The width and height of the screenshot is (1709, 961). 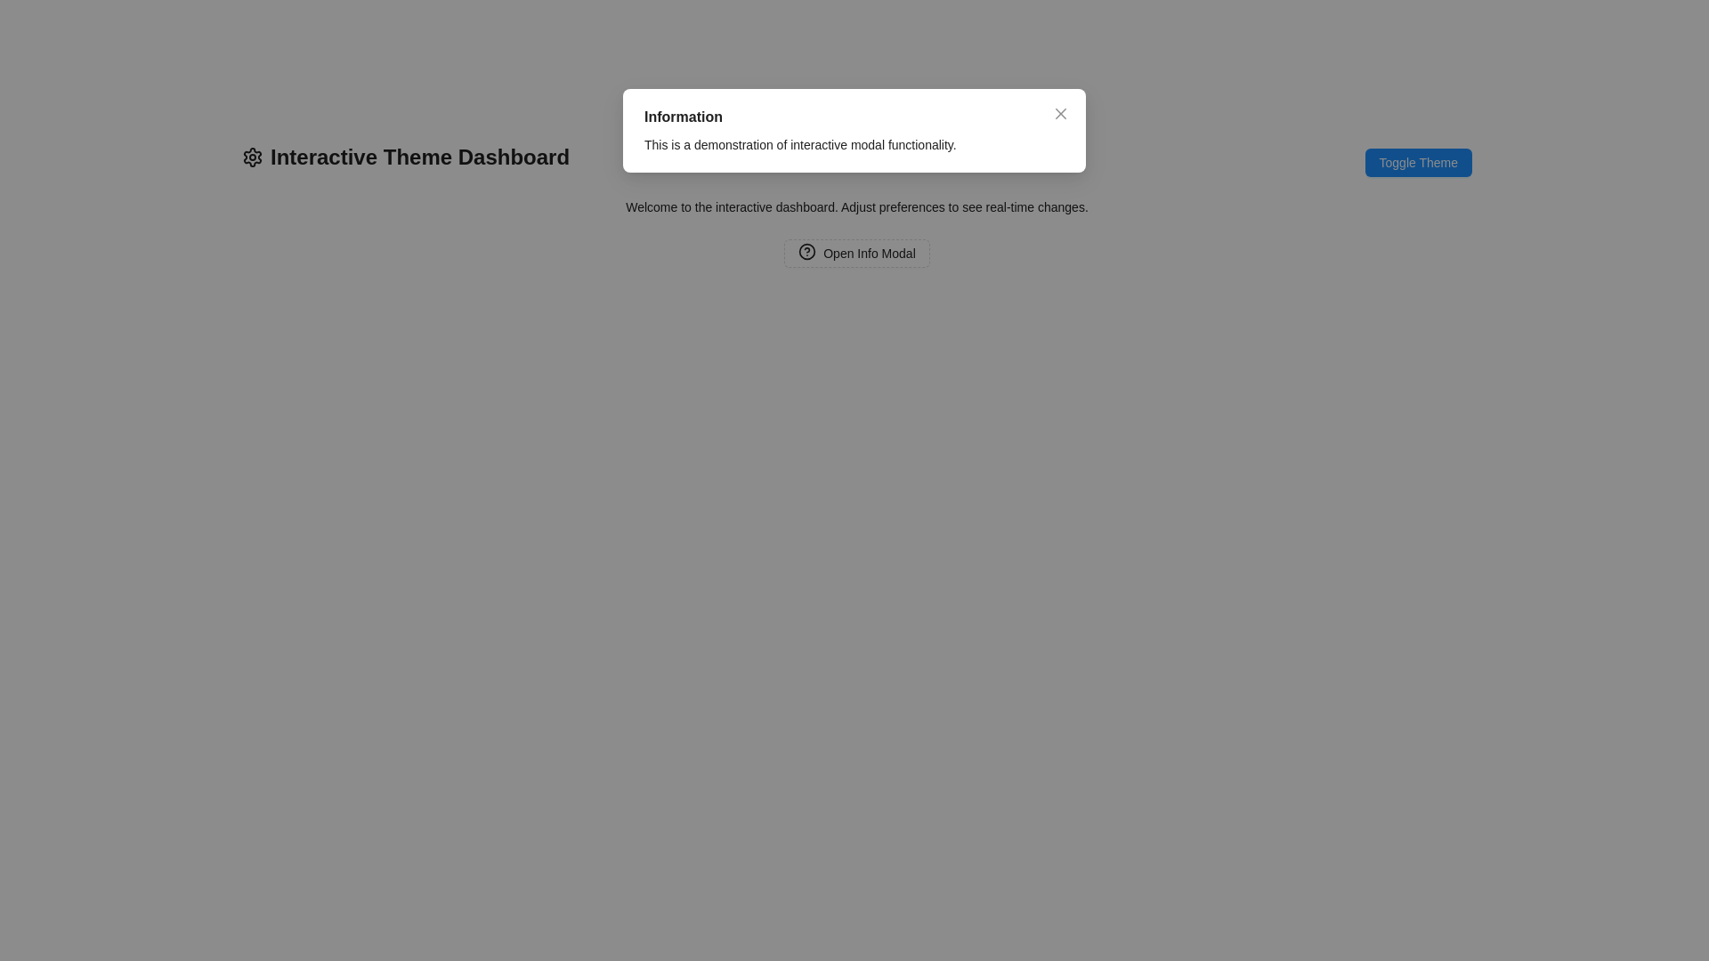 What do you see at coordinates (806, 254) in the screenshot?
I see `the circular icon with a question mark inside it, which is part of the 'Open Info Modal' button, located towards the left side of the button's text` at bounding box center [806, 254].